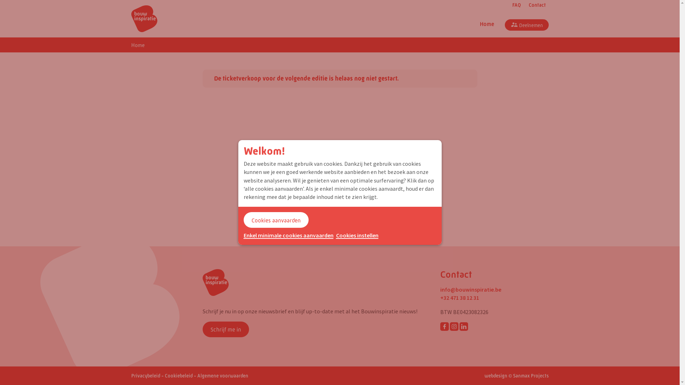  What do you see at coordinates (471, 289) in the screenshot?
I see `'info@bouwinspiratie.be'` at bounding box center [471, 289].